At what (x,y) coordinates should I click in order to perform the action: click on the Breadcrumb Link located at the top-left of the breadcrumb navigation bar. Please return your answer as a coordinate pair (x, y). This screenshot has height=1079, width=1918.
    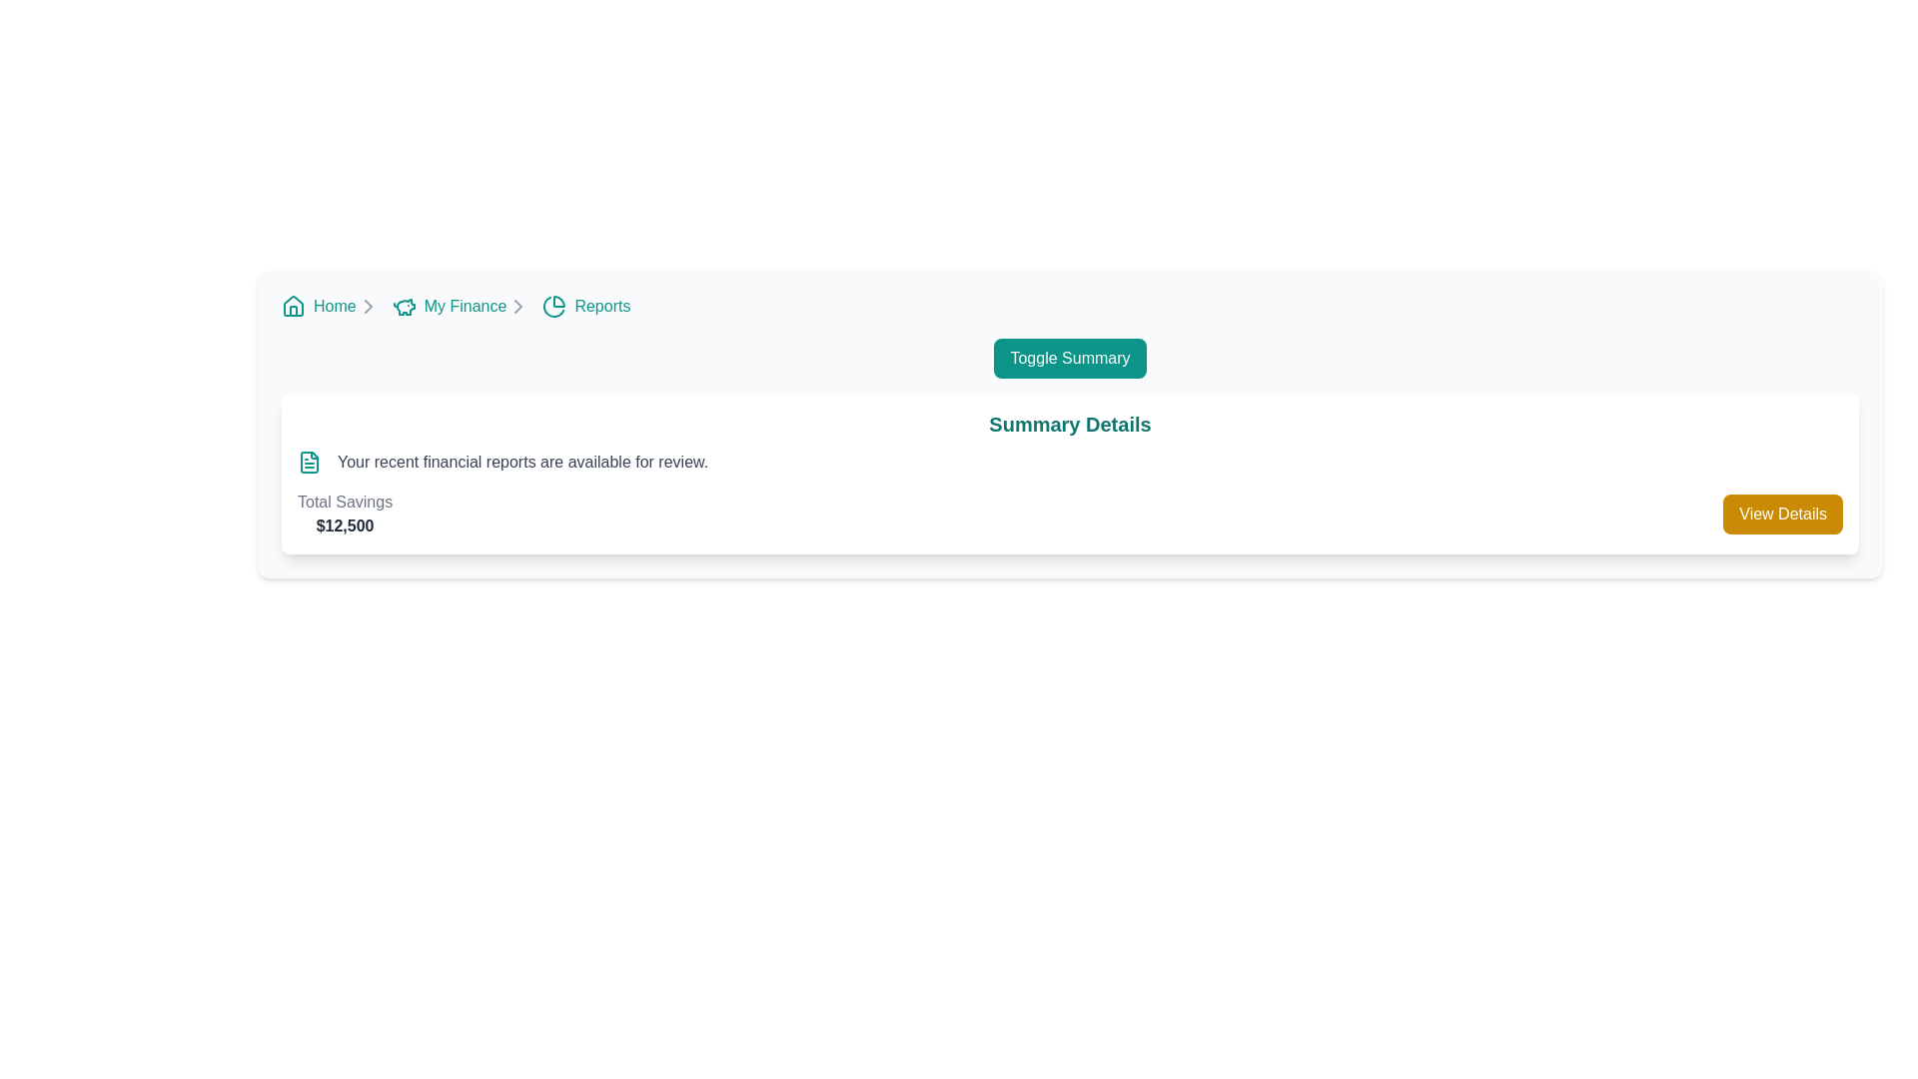
    Looking at the image, I should click on (331, 307).